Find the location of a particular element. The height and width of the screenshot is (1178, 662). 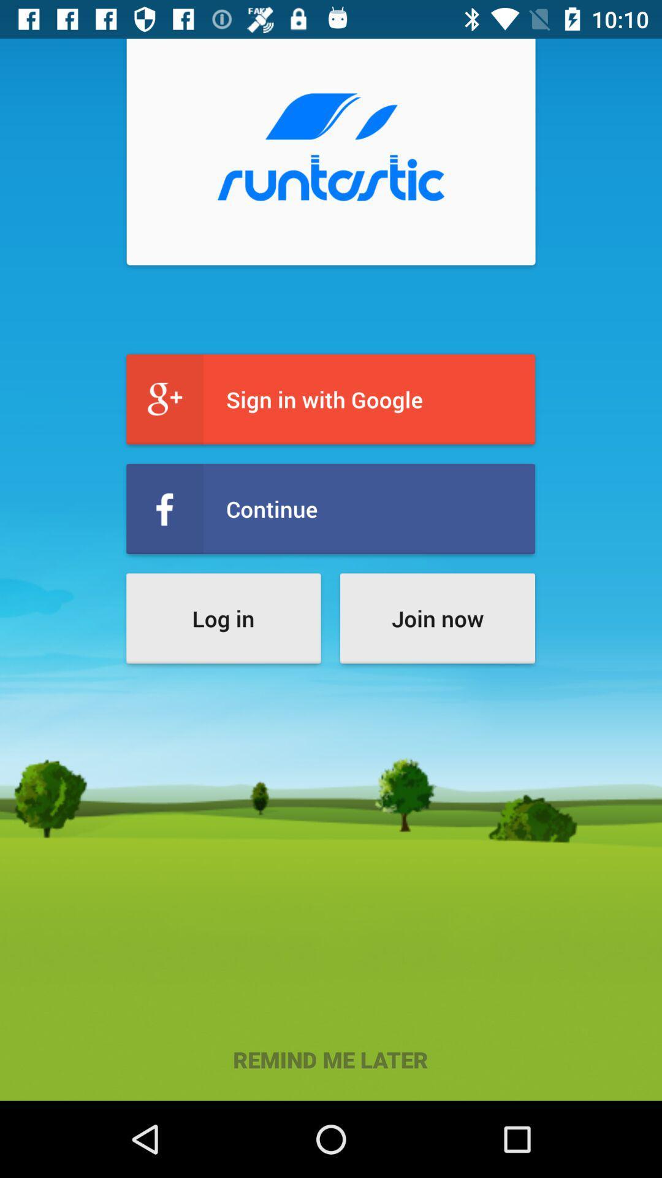

item above continue icon is located at coordinates (330, 399).